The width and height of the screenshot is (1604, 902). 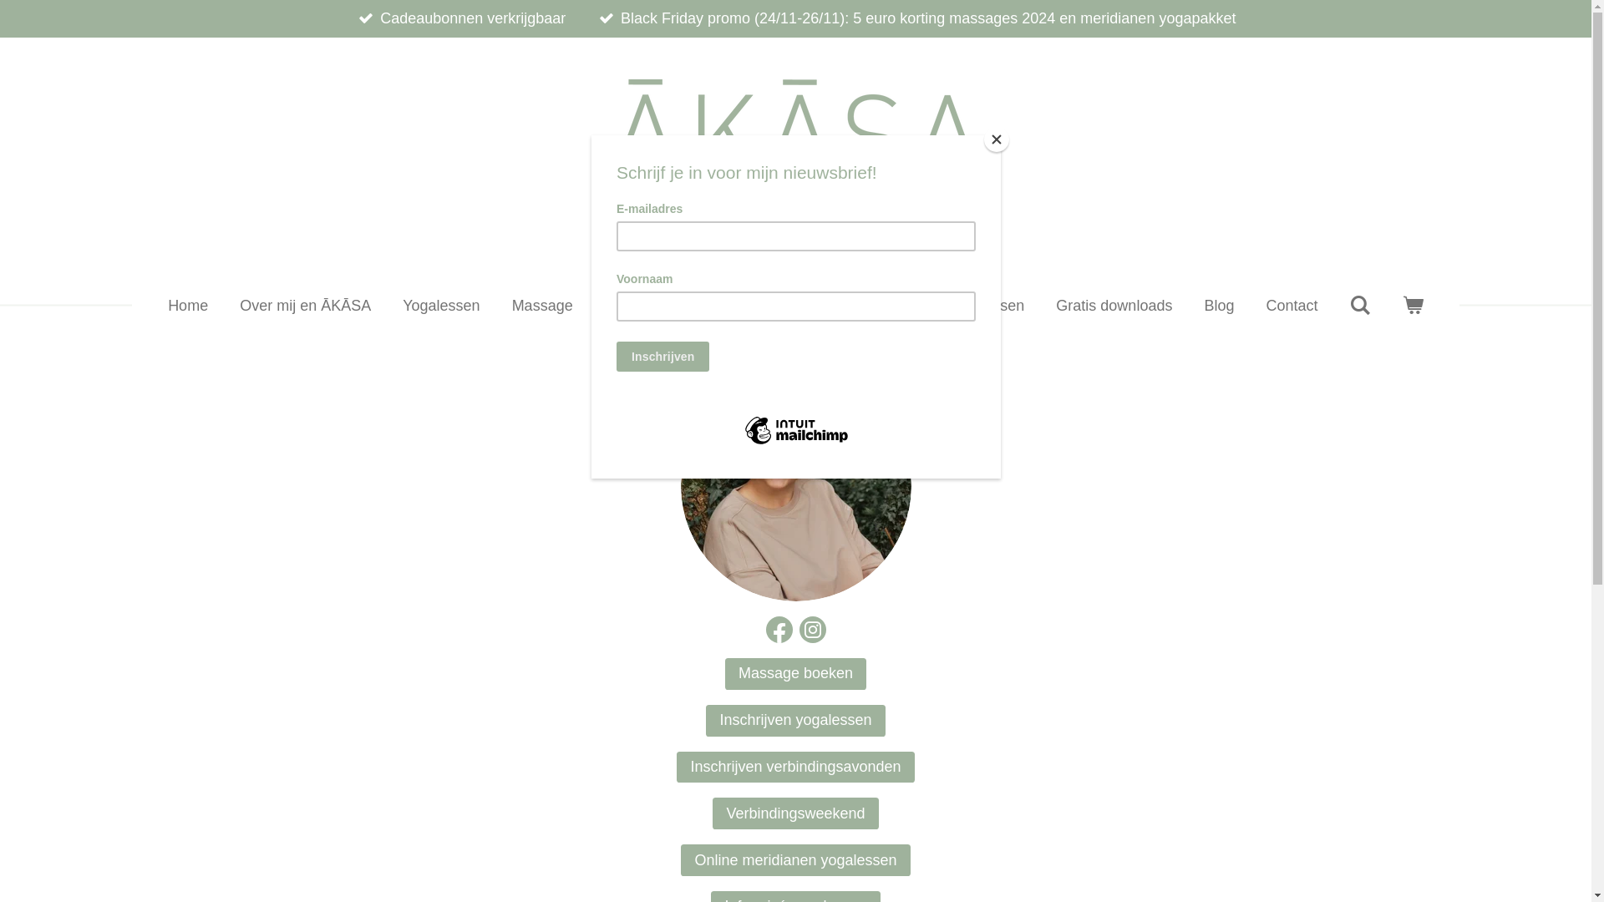 What do you see at coordinates (542, 306) in the screenshot?
I see `'Massage'` at bounding box center [542, 306].